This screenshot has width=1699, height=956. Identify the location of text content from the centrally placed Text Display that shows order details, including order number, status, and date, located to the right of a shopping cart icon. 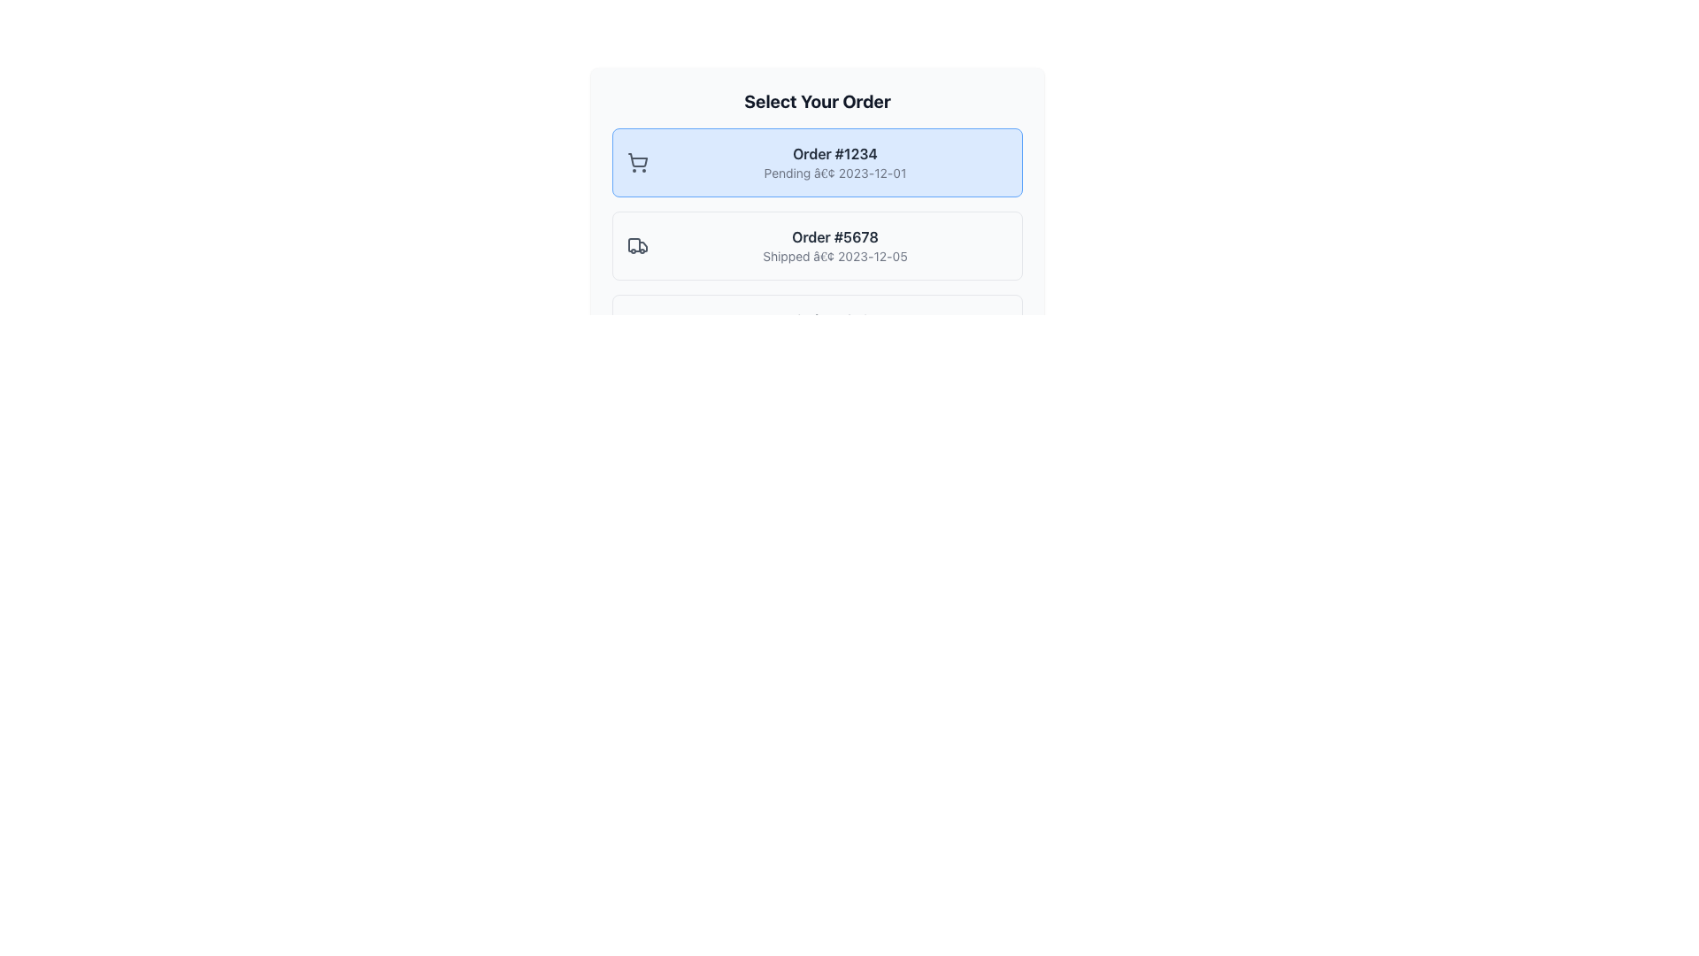
(834, 163).